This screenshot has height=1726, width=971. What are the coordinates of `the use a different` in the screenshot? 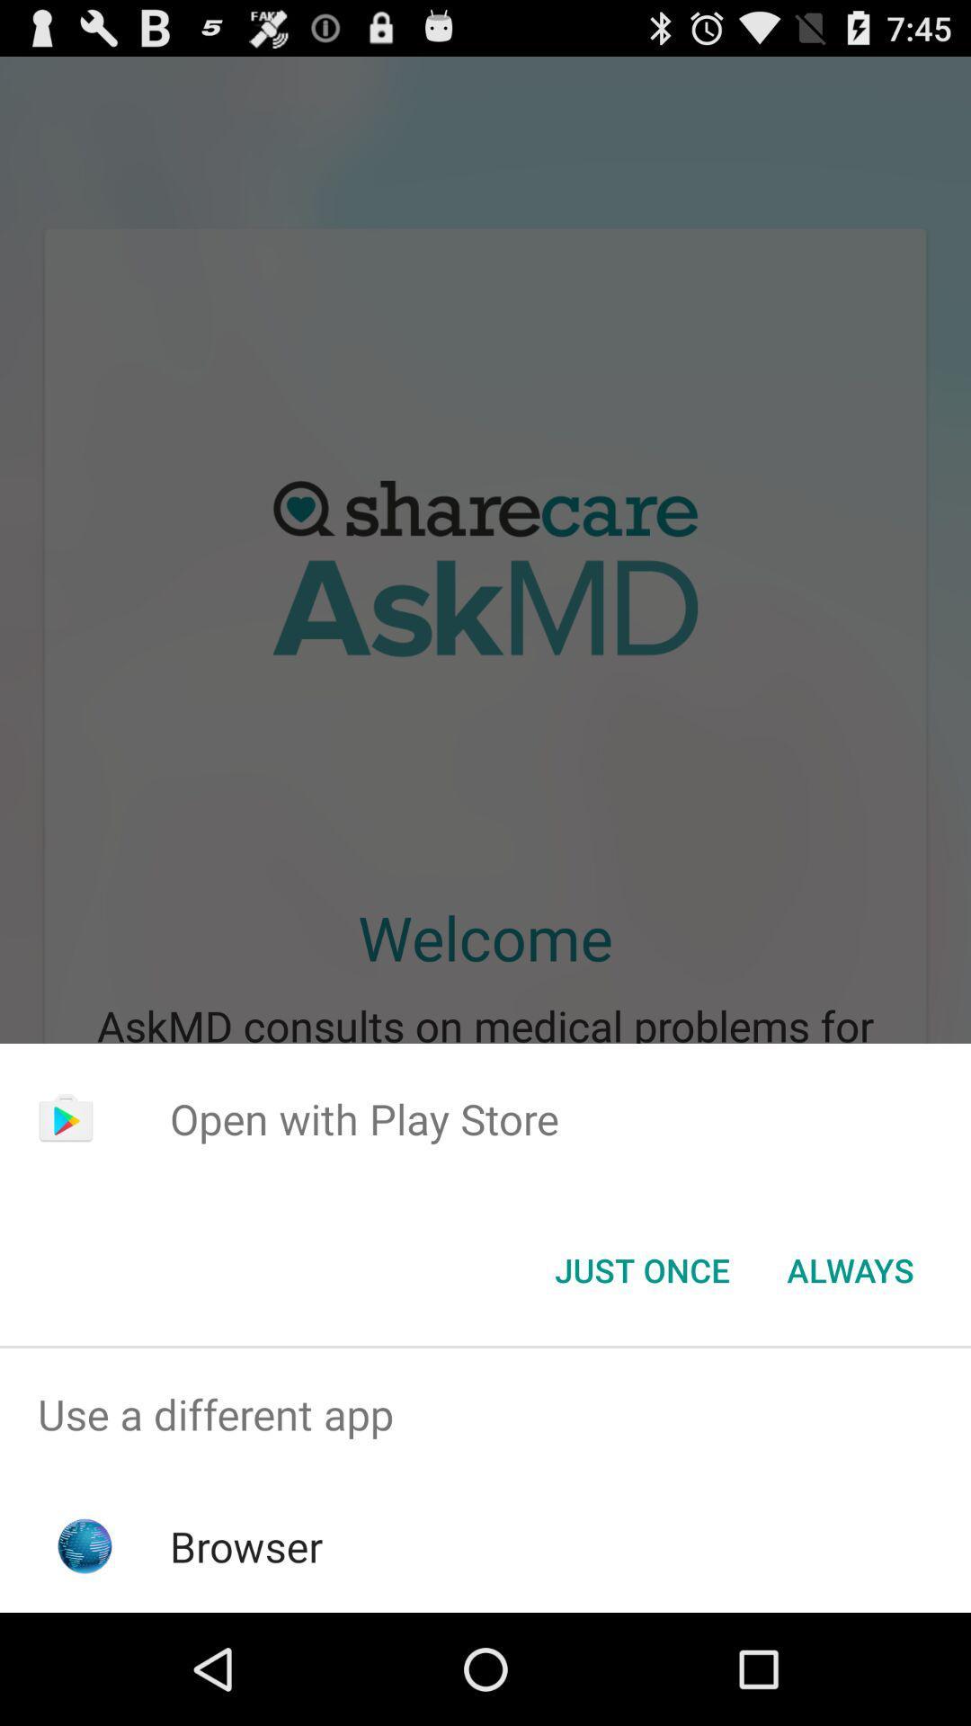 It's located at (485, 1413).